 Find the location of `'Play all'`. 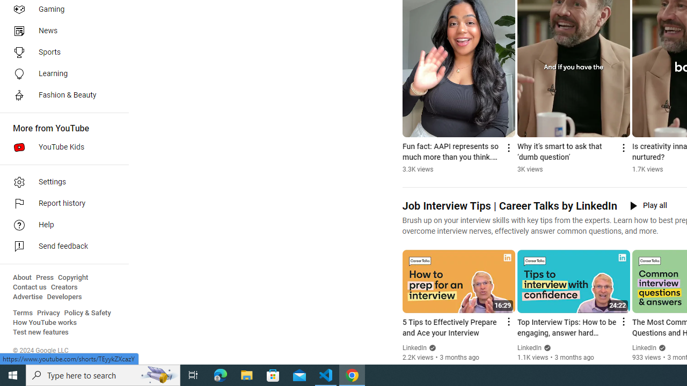

'Play all' is located at coordinates (648, 206).